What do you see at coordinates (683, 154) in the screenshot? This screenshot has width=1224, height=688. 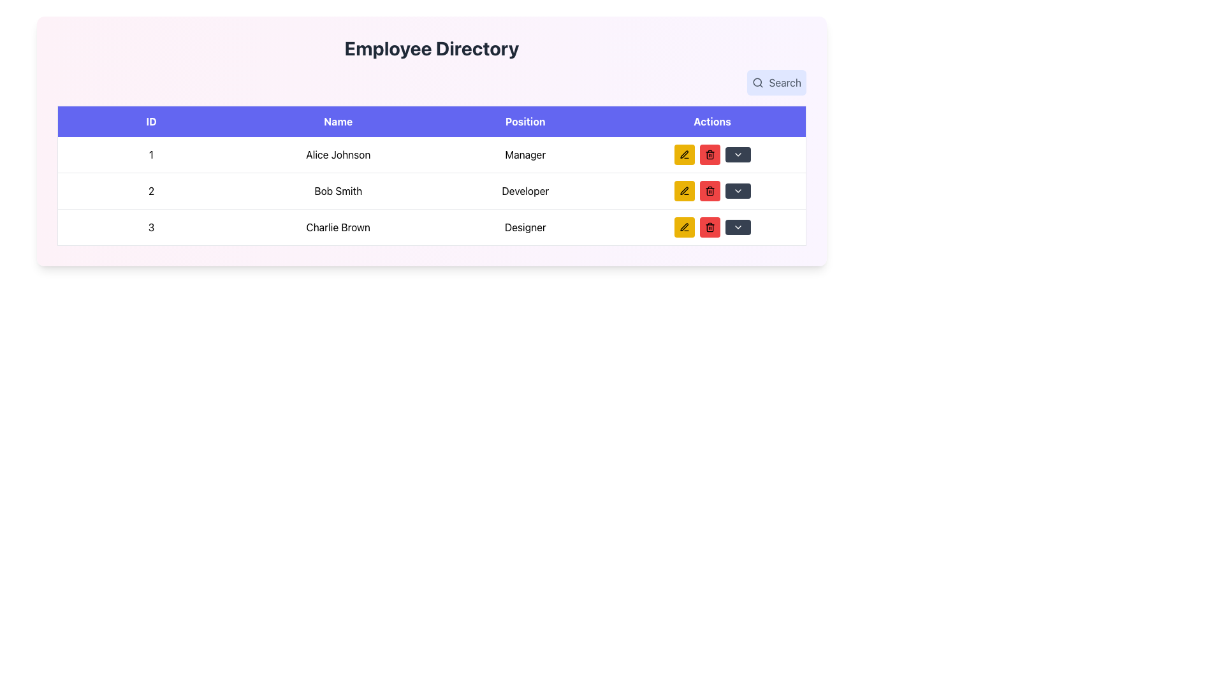 I see `the pen icon located in the 'Actions' column of the second row to initiate an edit action` at bounding box center [683, 154].